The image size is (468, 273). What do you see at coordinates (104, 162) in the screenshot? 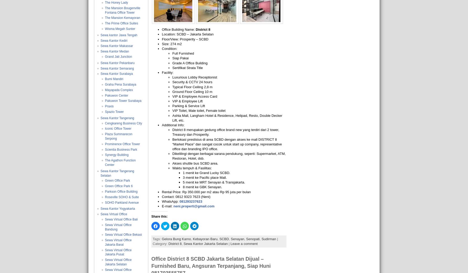
I see `'The Agathon Function Center'` at bounding box center [104, 162].